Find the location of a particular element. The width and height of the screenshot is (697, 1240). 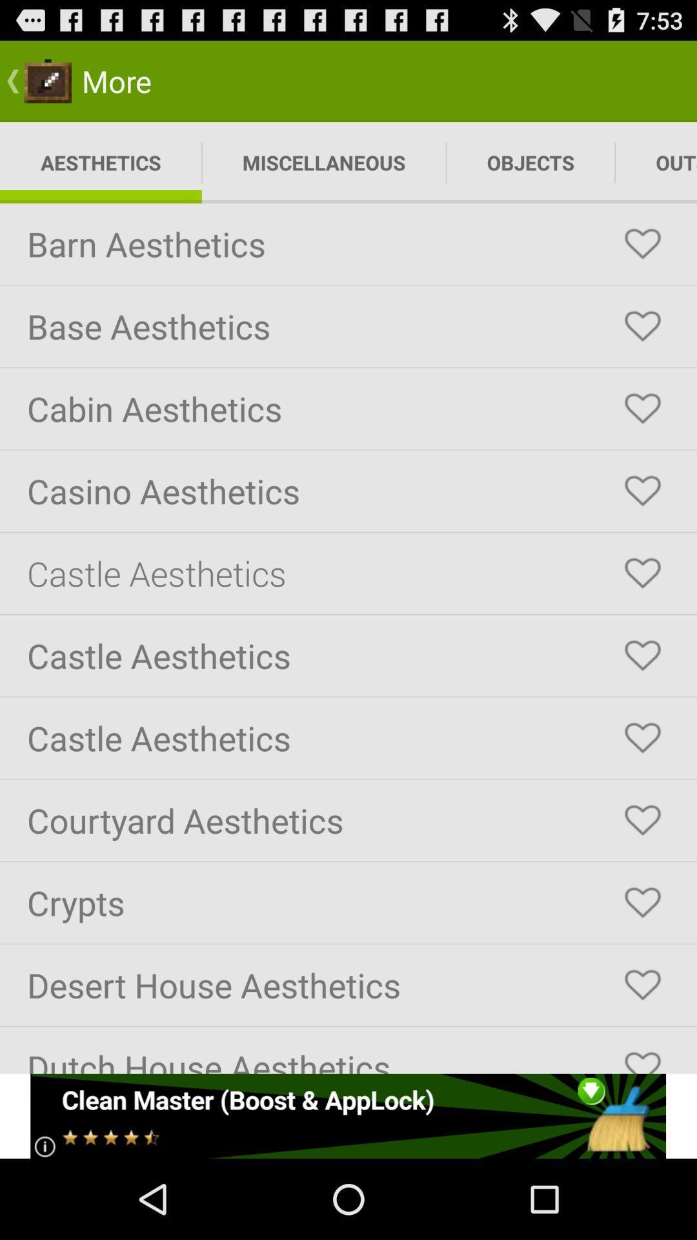

heart is located at coordinates (642, 244).